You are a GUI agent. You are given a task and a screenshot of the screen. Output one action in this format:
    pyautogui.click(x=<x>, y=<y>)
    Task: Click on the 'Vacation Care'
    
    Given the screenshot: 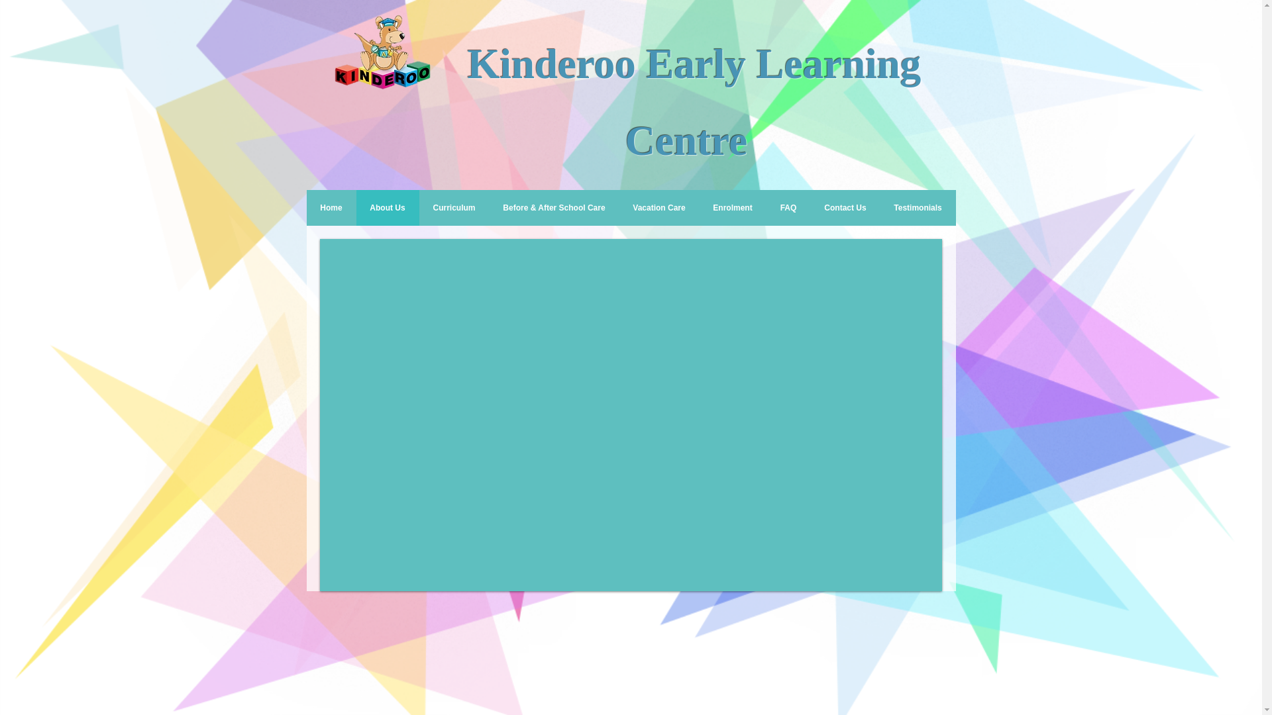 What is the action you would take?
    pyautogui.click(x=659, y=207)
    